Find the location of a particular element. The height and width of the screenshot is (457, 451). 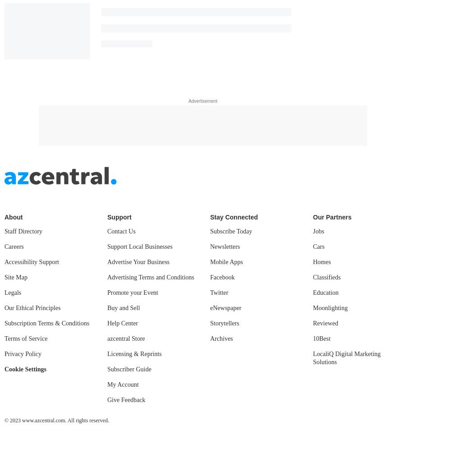

'Mobile Apps' is located at coordinates (226, 261).